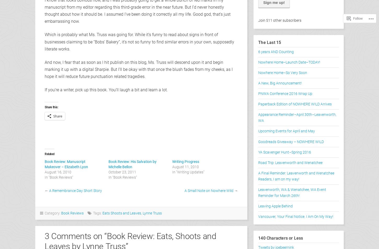 The image size is (379, 249). What do you see at coordinates (52, 213) in the screenshot?
I see `'Category:'` at bounding box center [52, 213].